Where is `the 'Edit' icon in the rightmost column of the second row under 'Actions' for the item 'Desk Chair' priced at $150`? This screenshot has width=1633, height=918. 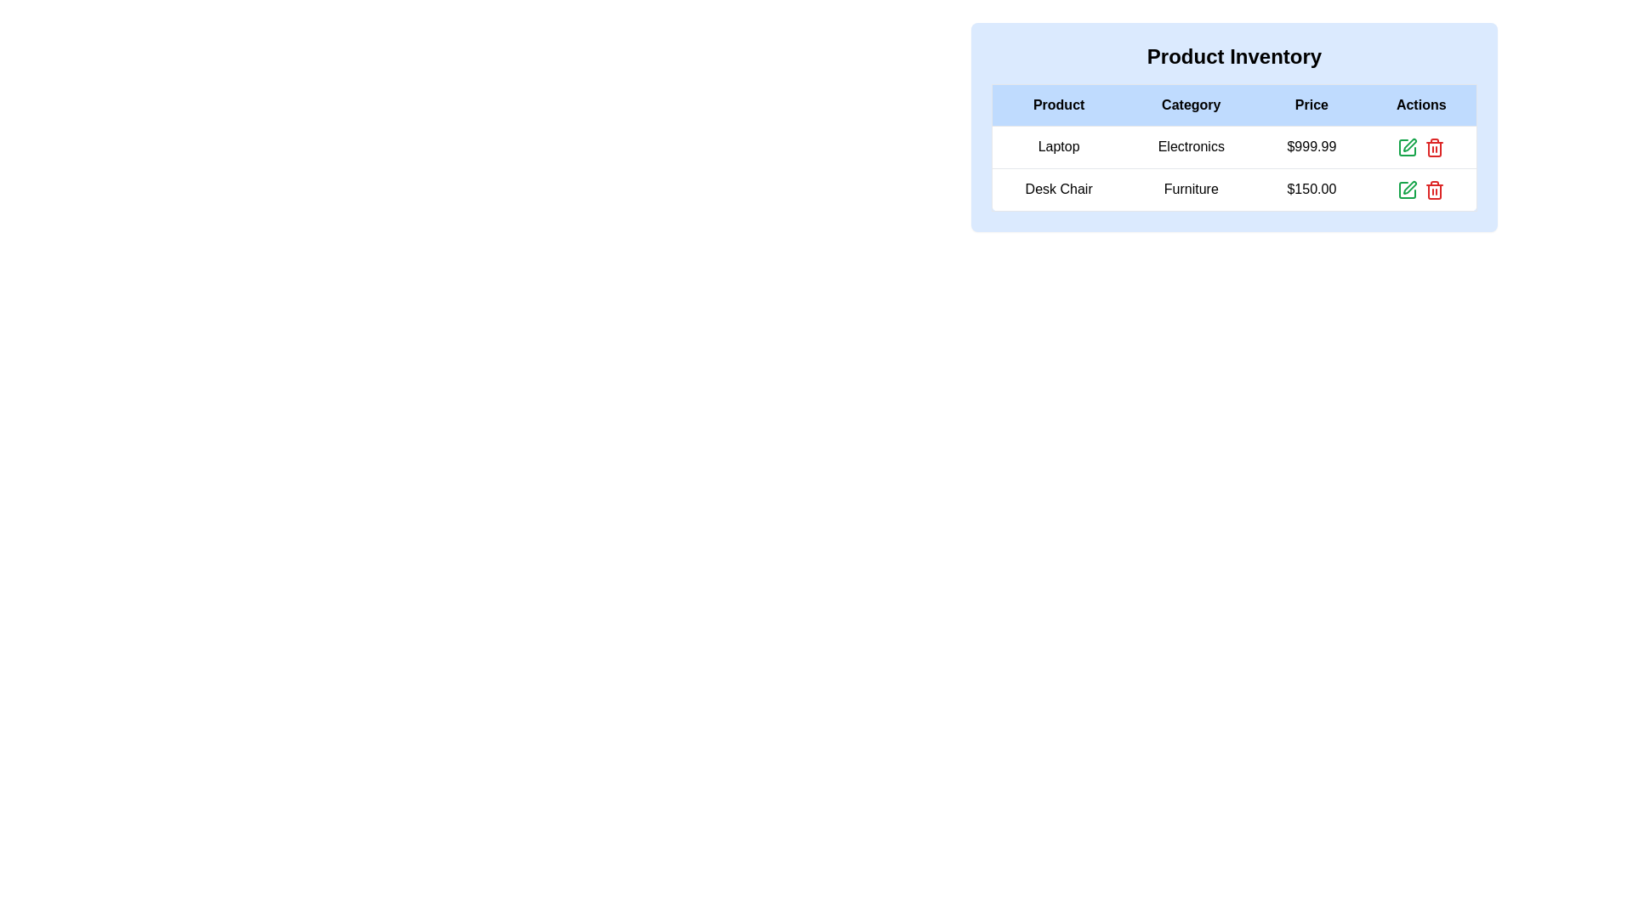
the 'Edit' icon in the rightmost column of the second row under 'Actions' for the item 'Desk Chair' priced at $150 is located at coordinates (1410, 144).